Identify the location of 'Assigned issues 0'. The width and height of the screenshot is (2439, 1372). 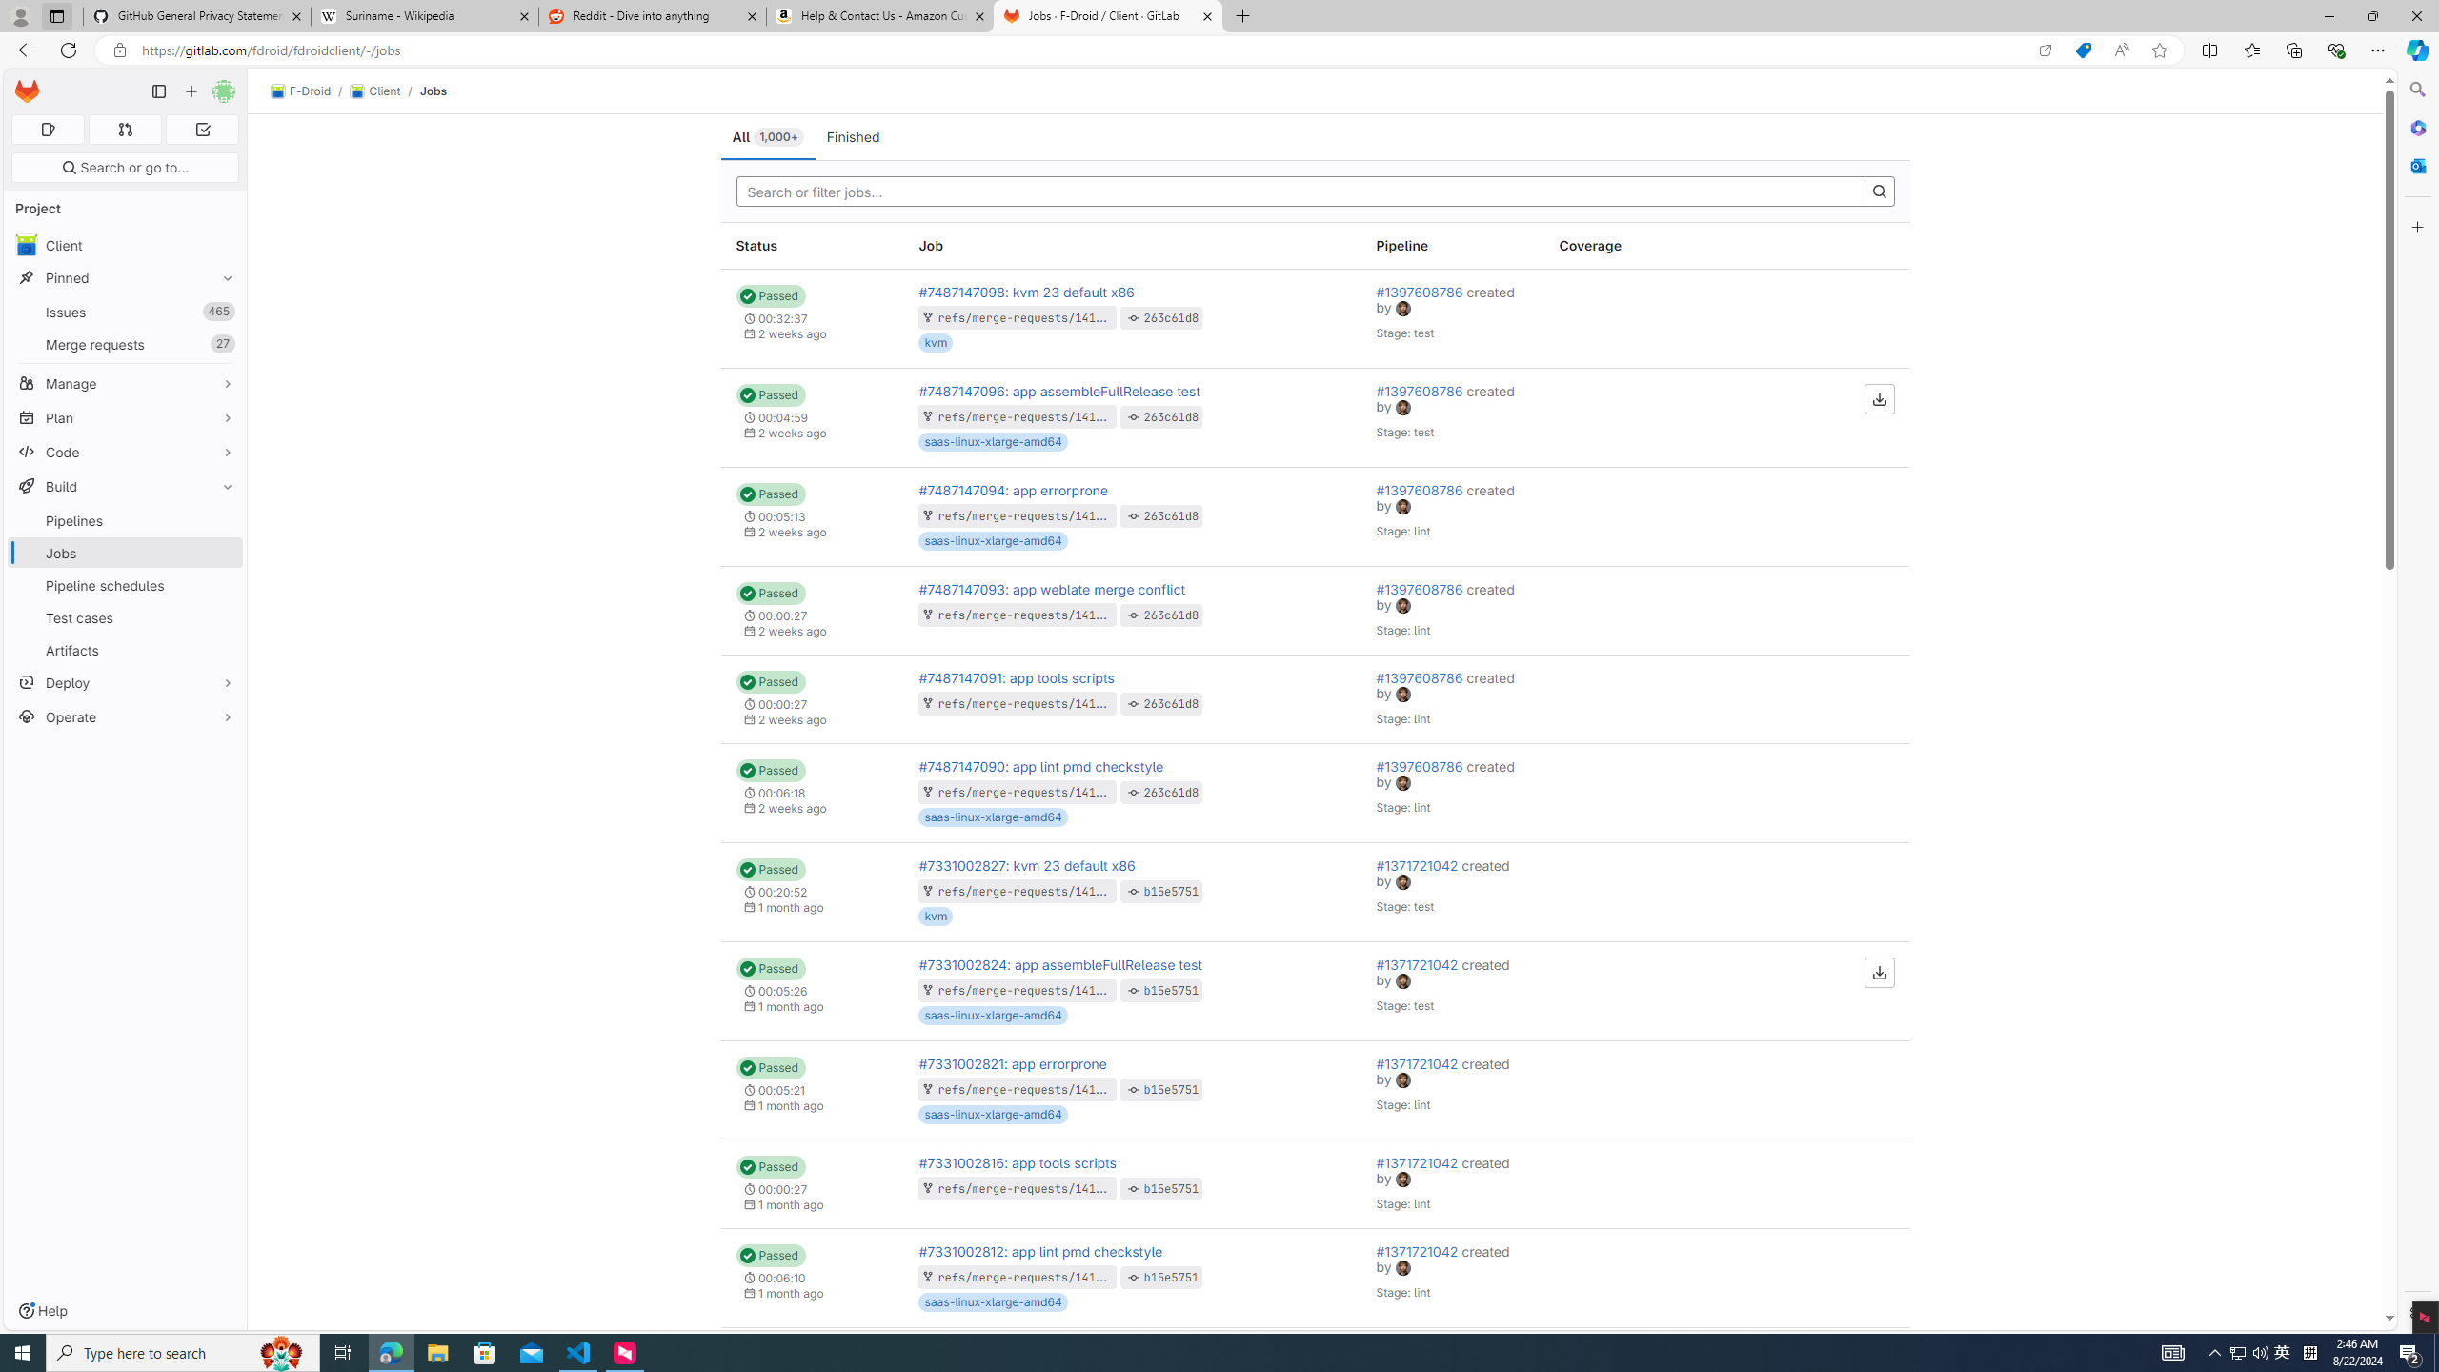
(48, 129).